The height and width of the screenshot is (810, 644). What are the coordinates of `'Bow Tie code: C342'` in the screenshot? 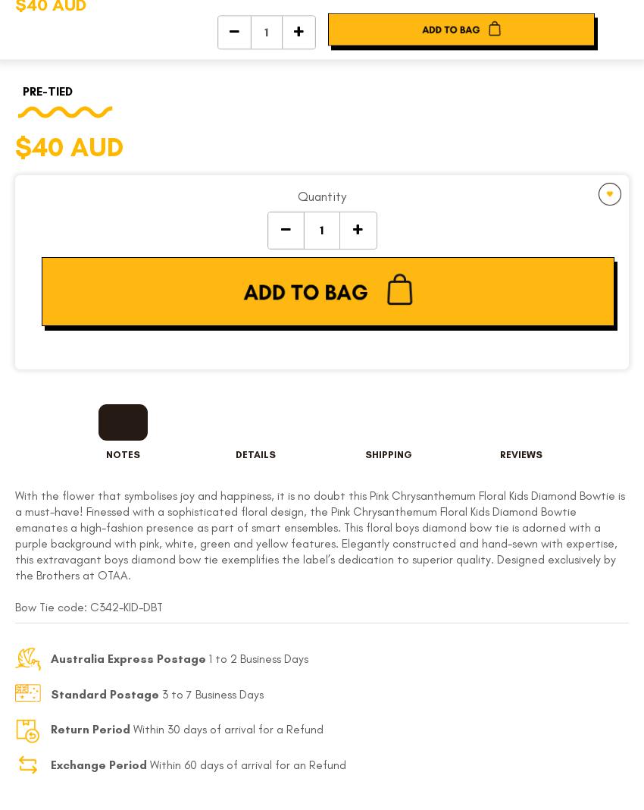 It's located at (66, 606).